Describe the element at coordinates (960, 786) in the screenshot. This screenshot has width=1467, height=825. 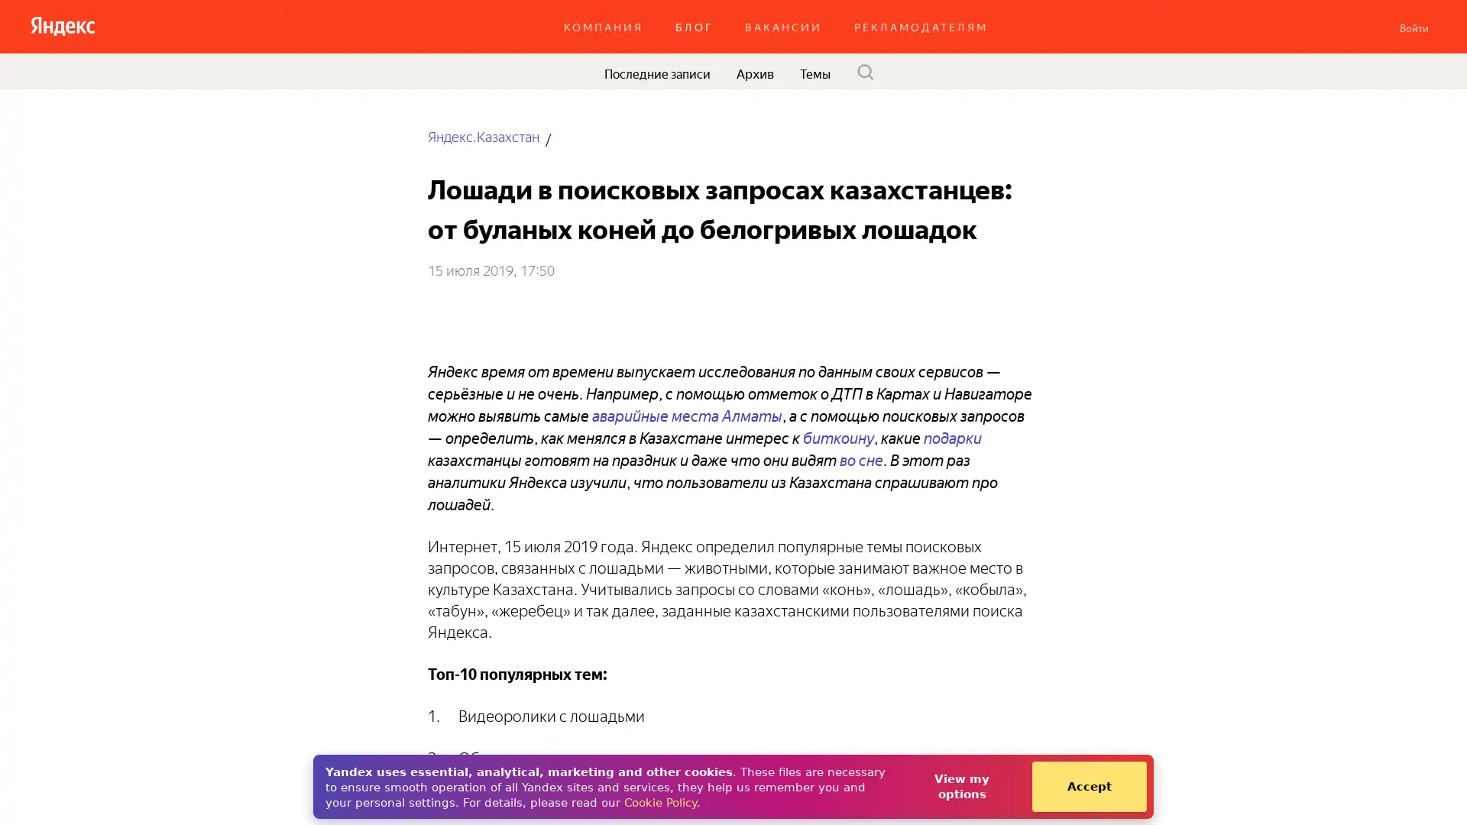
I see `View my options` at that location.